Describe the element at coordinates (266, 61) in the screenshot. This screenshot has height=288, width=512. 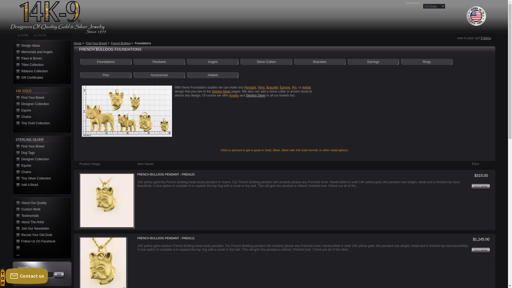
I see `'Stone Collars'` at that location.